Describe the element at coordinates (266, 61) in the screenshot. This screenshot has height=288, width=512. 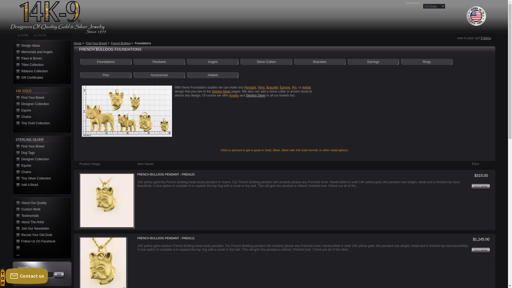
I see `'Stone Collars'` at that location.